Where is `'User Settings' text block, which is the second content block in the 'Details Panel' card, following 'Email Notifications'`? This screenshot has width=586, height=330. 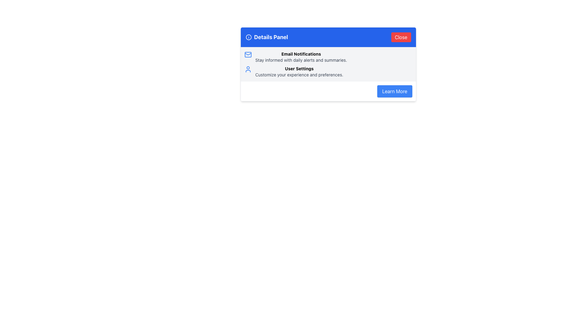 'User Settings' text block, which is the second content block in the 'Details Panel' card, following 'Email Notifications' is located at coordinates (299, 71).